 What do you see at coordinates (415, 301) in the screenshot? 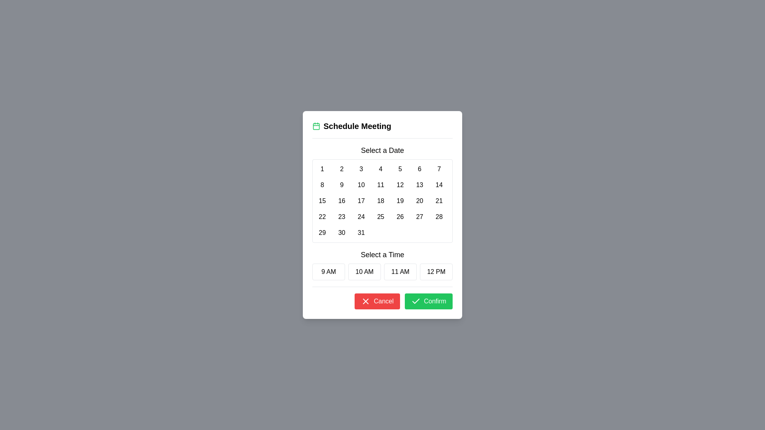
I see `the checkmark icon element, which is part of the green Confirm button located at the bottom right corner of the dialog box` at bounding box center [415, 301].